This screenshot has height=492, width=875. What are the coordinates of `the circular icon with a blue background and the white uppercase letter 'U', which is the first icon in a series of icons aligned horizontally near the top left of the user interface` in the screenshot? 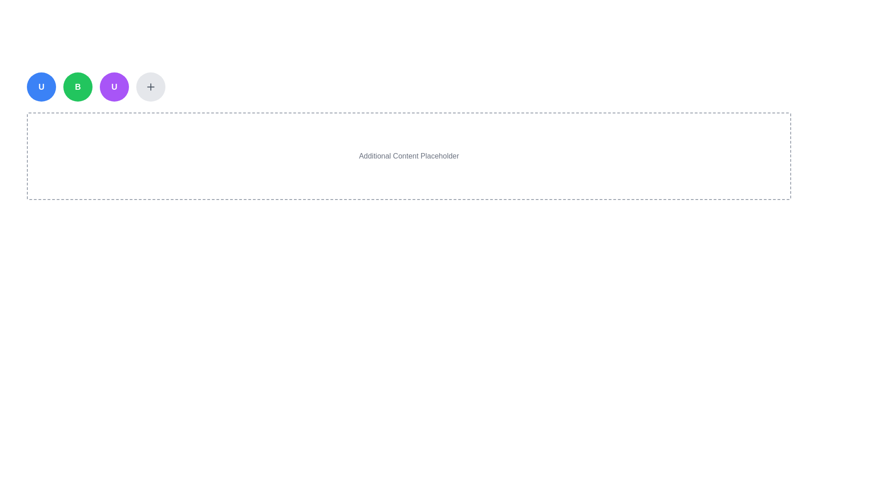 It's located at (41, 87).